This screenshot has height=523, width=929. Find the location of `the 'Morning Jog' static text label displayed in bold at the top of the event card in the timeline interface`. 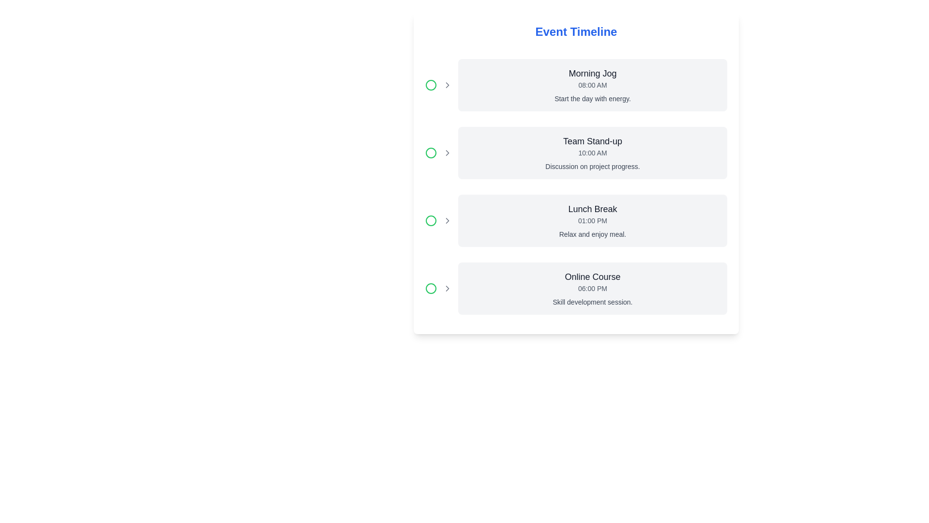

the 'Morning Jog' static text label displayed in bold at the top of the event card in the timeline interface is located at coordinates (592, 73).